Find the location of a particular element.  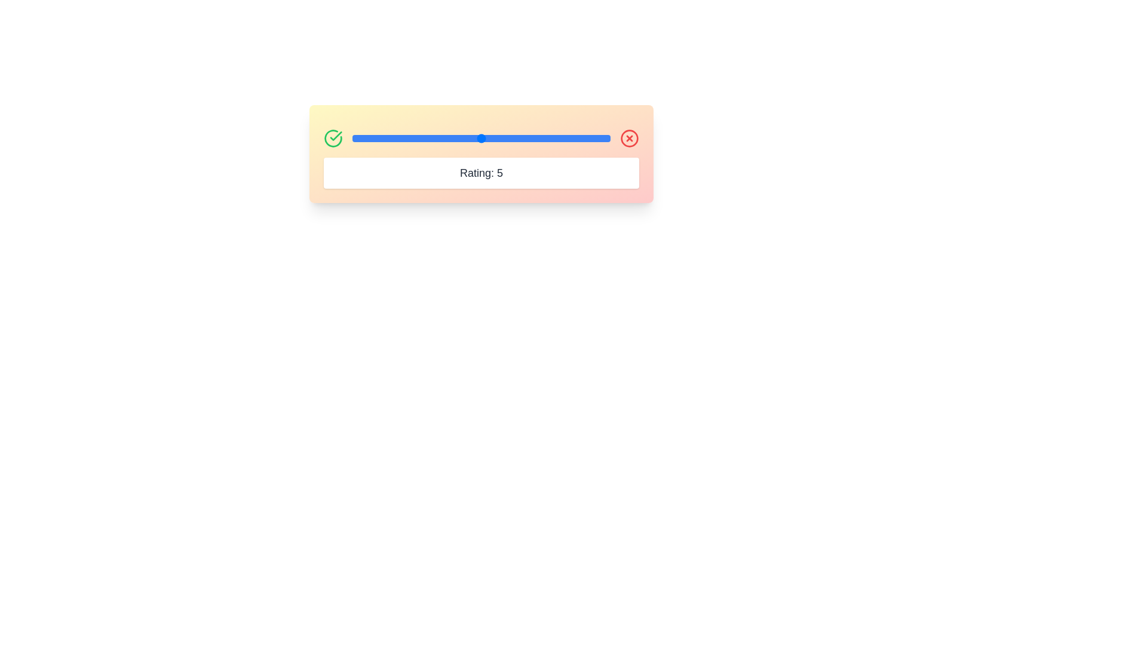

the text display label that shows 'Rating: 5', which is centrally aligned in a white background panel beneath a slider element is located at coordinates (482, 173).